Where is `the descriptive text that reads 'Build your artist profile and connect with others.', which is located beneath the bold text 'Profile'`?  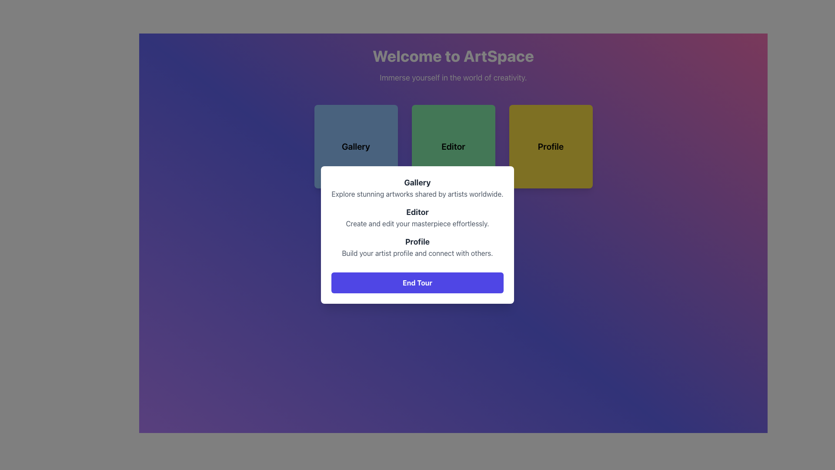 the descriptive text that reads 'Build your artist profile and connect with others.', which is located beneath the bold text 'Profile' is located at coordinates (417, 253).